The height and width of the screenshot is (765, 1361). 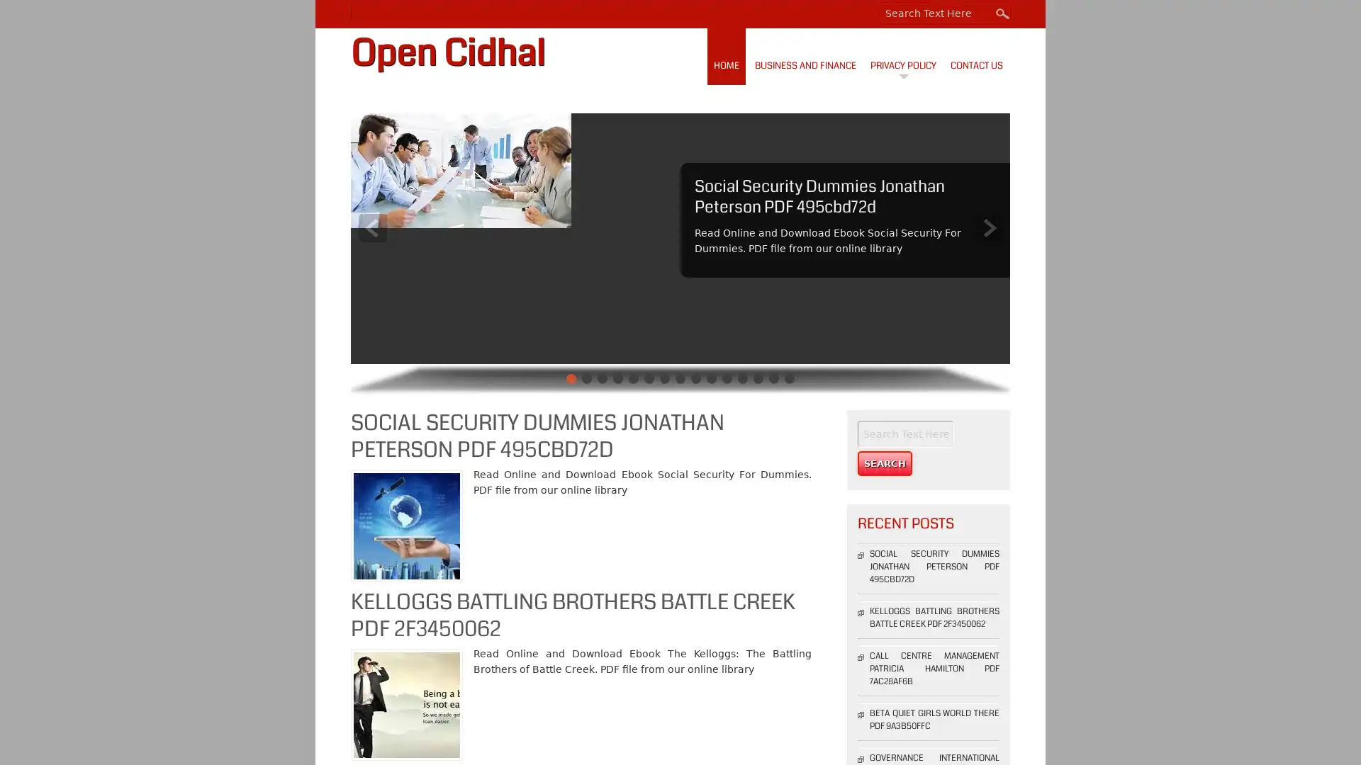 What do you see at coordinates (884, 463) in the screenshot?
I see `Search` at bounding box center [884, 463].